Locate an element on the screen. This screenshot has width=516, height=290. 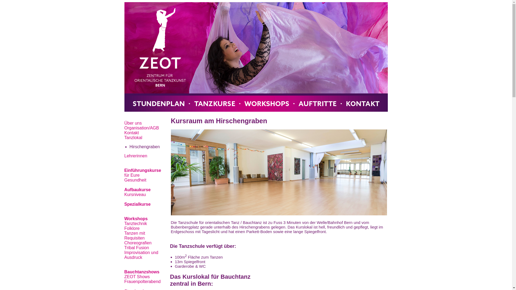
'Lehrerinnen' is located at coordinates (135, 156).